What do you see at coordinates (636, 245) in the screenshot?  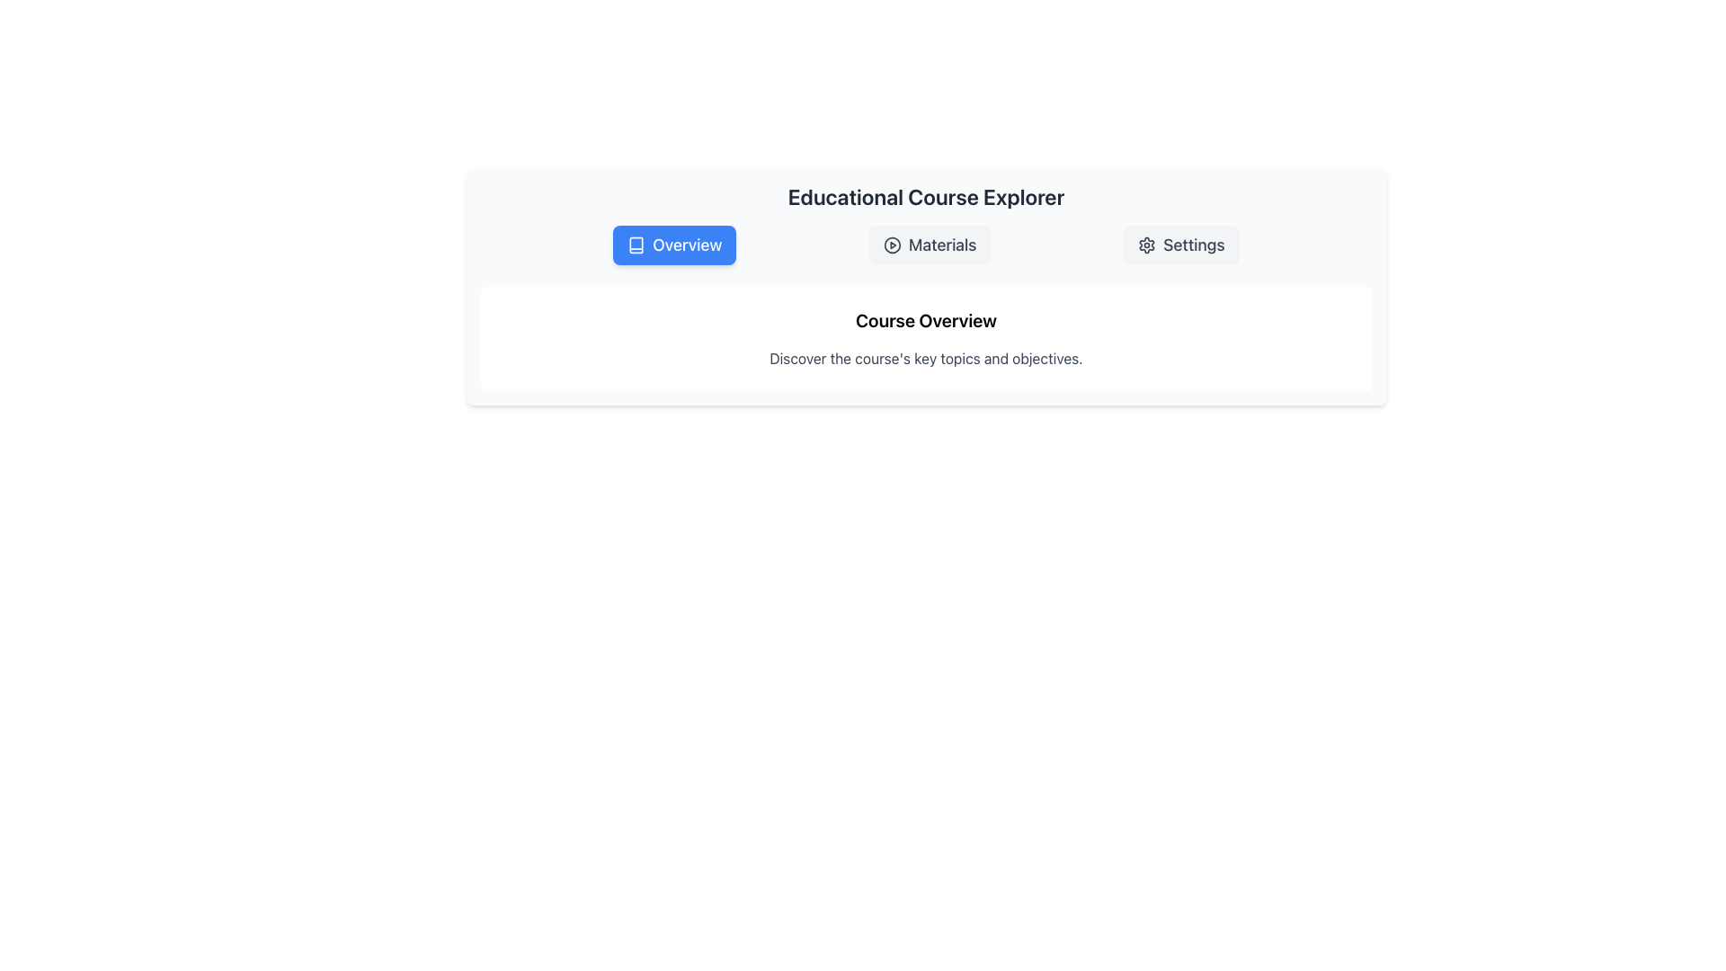 I see `the small book-shaped icon located inside the blue 'Overview' button, which is the first button in the navigation list at the top of the main content area` at bounding box center [636, 245].